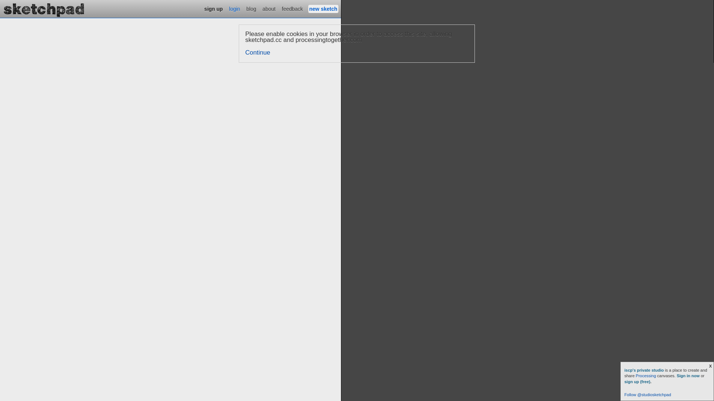  What do you see at coordinates (268, 9) in the screenshot?
I see `'about'` at bounding box center [268, 9].